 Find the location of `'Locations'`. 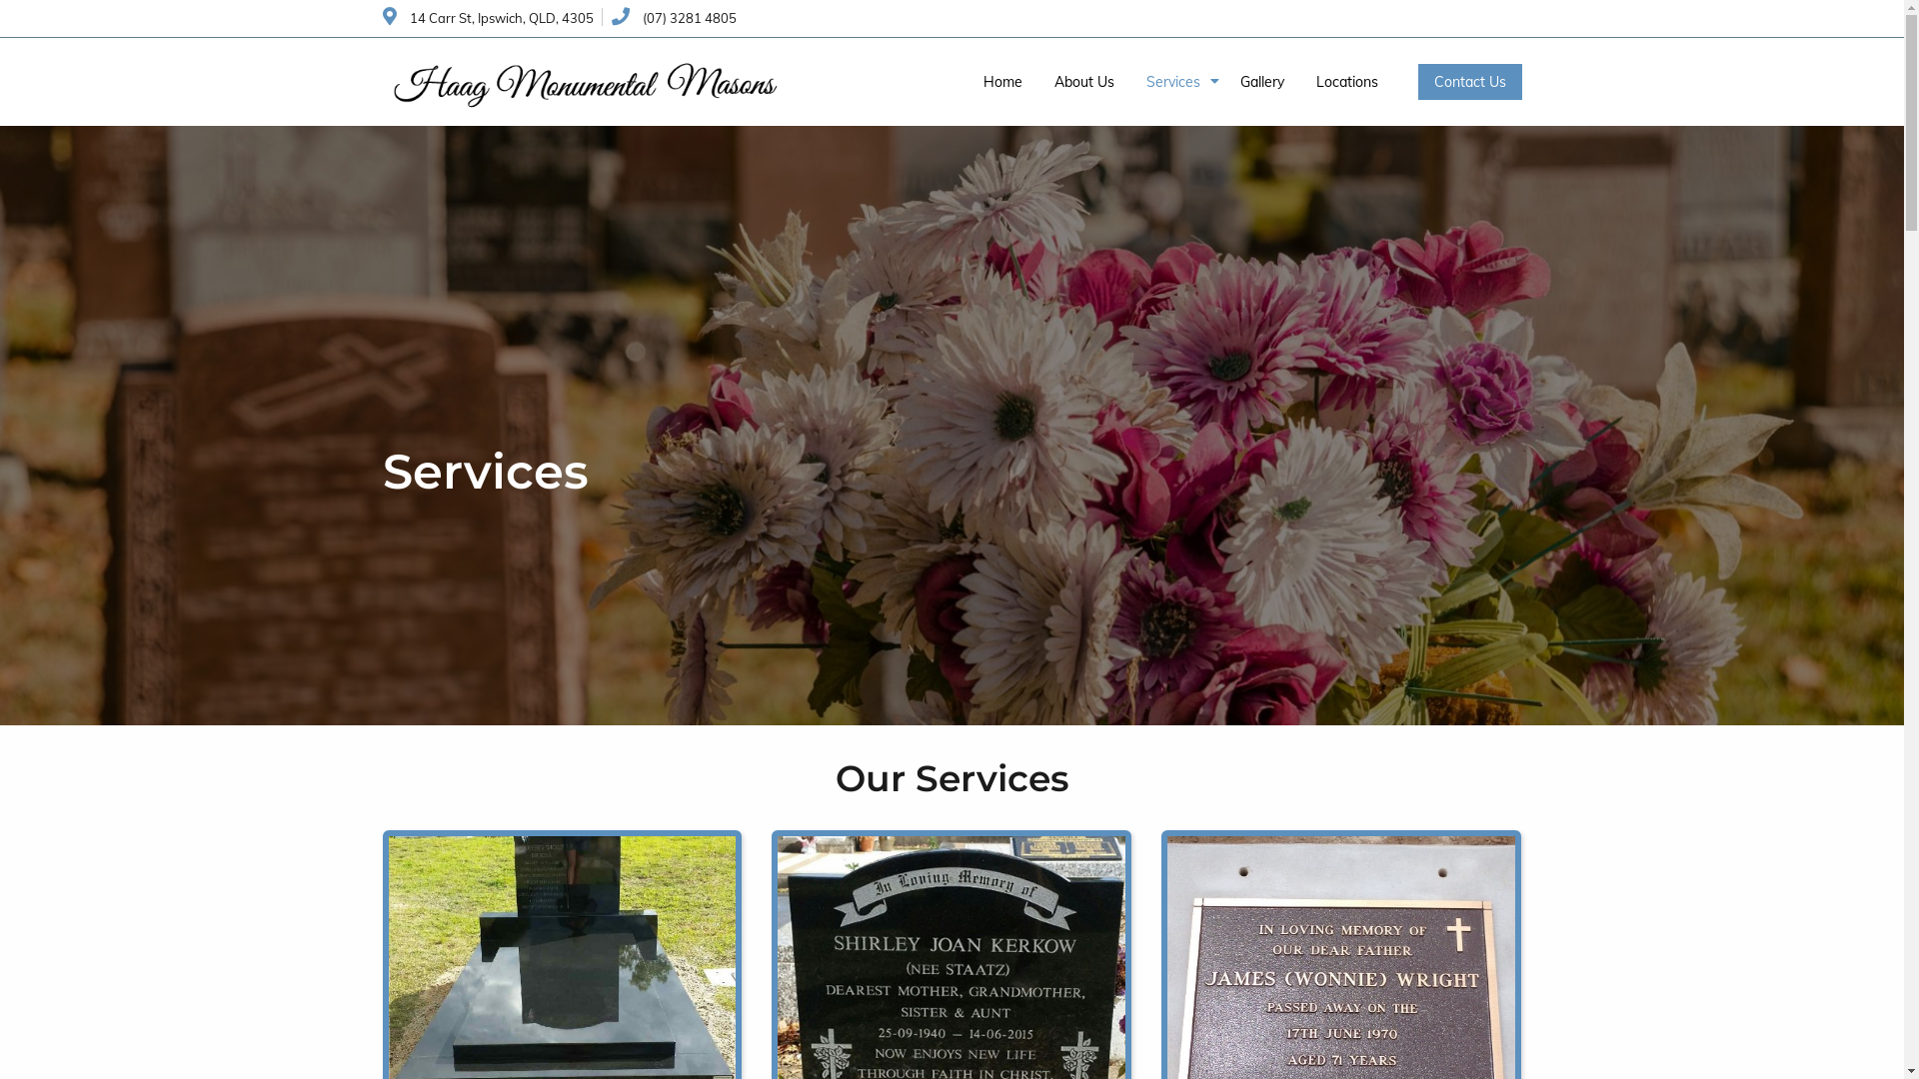

'Locations' is located at coordinates (1346, 80).